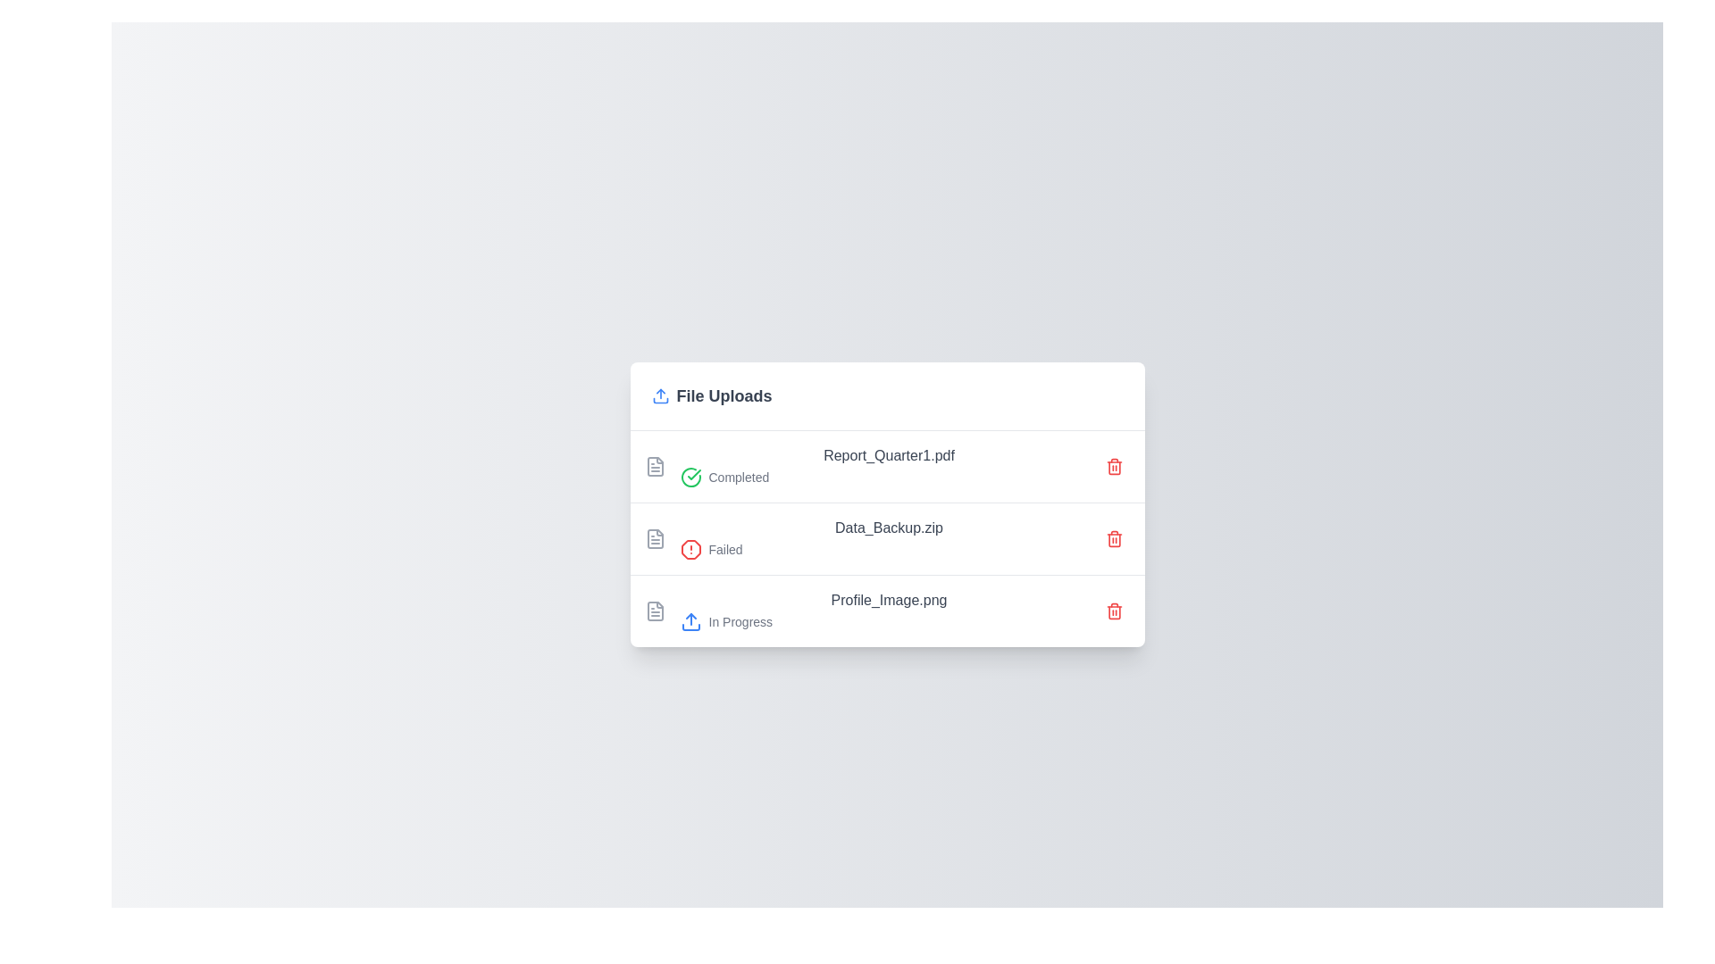  I want to click on the icon representing the file 'Profile_Image.png', which is located in the third row of the file upload list, to the left of the corresponding label, so click(654, 610).